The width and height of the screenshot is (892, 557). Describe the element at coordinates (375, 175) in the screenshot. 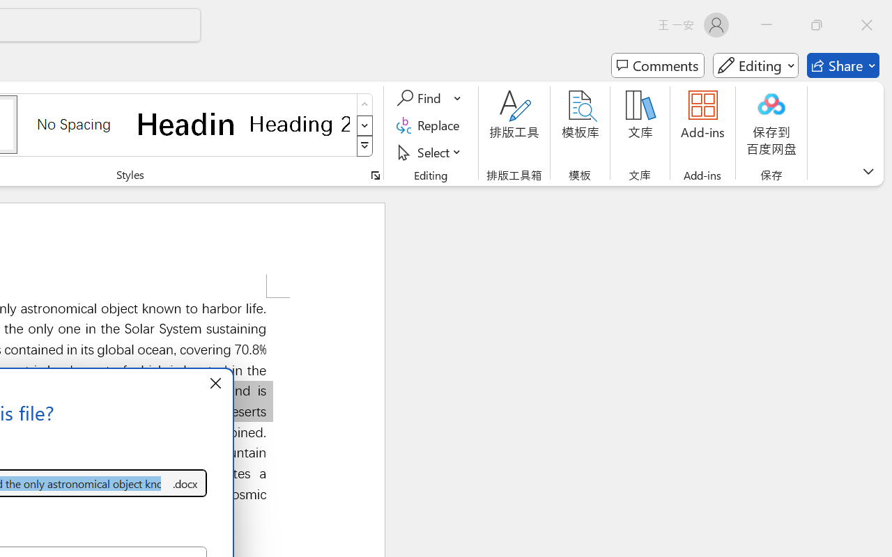

I see `'Styles...'` at that location.